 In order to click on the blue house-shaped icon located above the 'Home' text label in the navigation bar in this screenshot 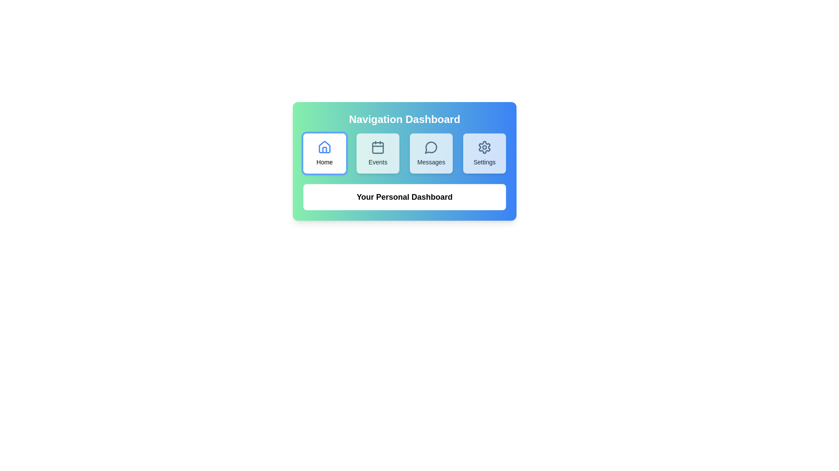, I will do `click(324, 147)`.